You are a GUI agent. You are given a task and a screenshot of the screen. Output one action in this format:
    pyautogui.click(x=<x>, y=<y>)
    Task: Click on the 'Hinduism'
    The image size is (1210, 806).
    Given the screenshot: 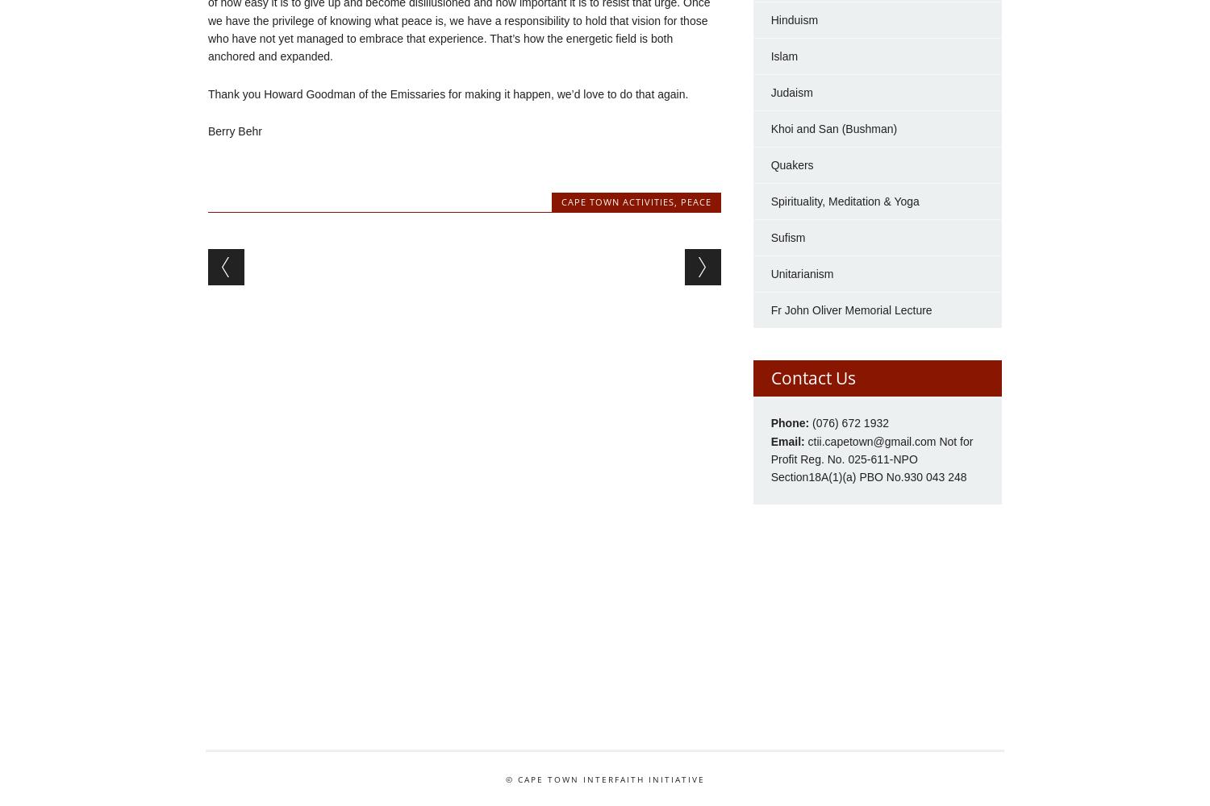 What is the action you would take?
    pyautogui.click(x=770, y=19)
    